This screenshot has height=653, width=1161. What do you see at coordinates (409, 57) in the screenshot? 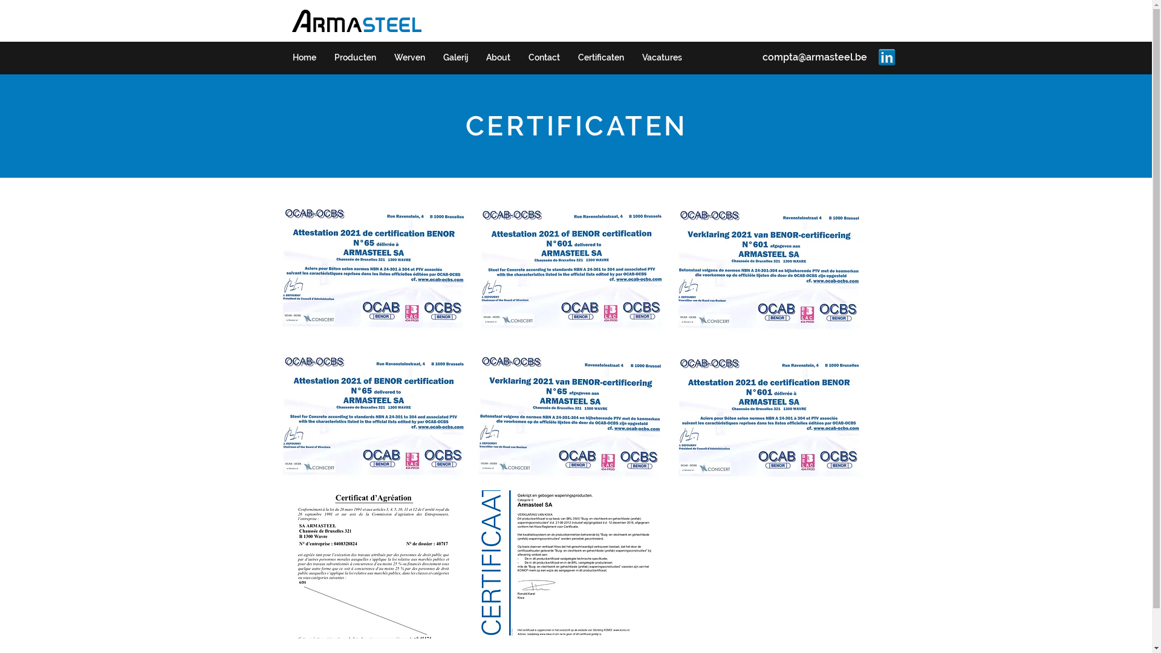
I see `'Werven'` at bounding box center [409, 57].